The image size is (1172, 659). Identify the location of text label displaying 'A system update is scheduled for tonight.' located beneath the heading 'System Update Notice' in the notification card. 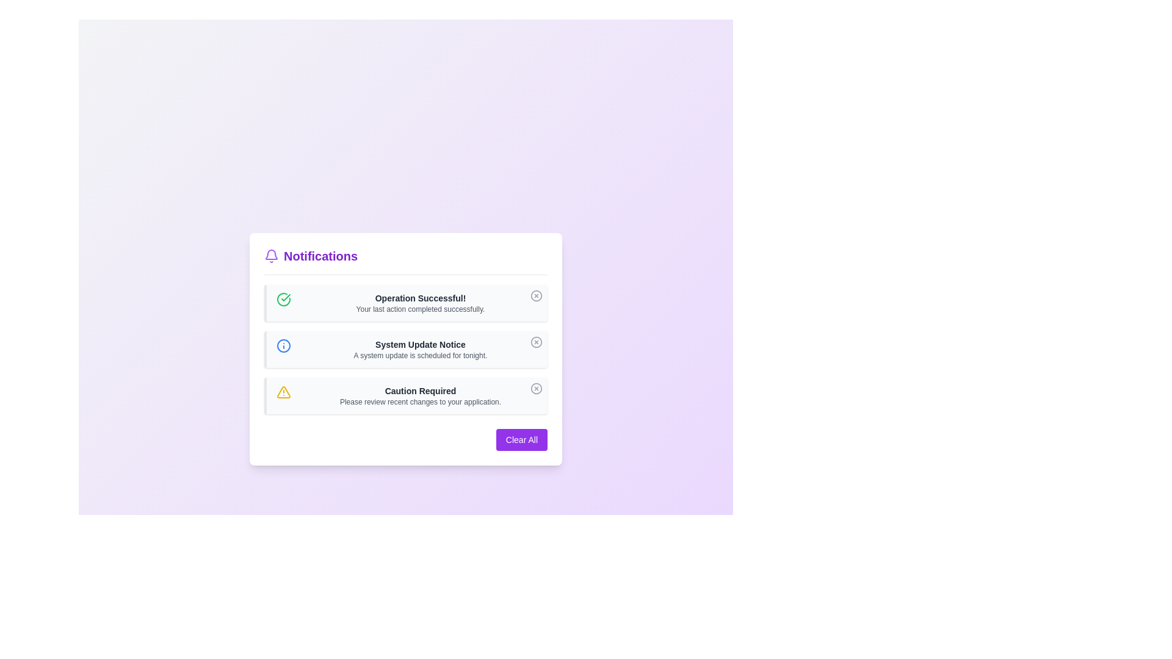
(421, 355).